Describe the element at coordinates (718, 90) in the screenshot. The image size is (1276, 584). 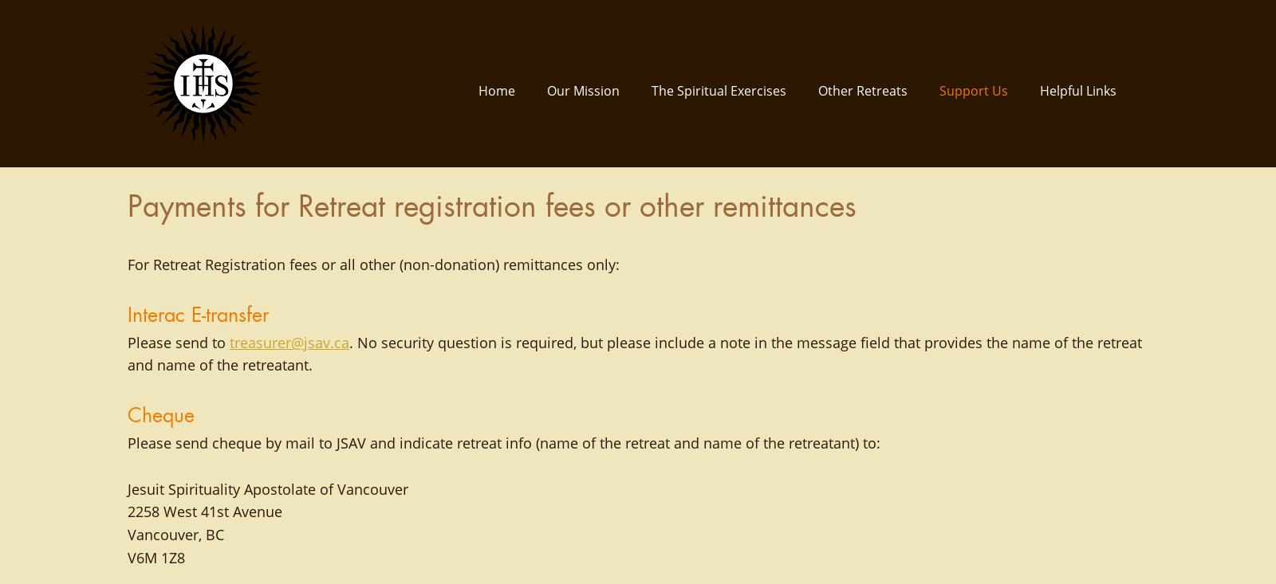
I see `'The Spiritual Exercises'` at that location.